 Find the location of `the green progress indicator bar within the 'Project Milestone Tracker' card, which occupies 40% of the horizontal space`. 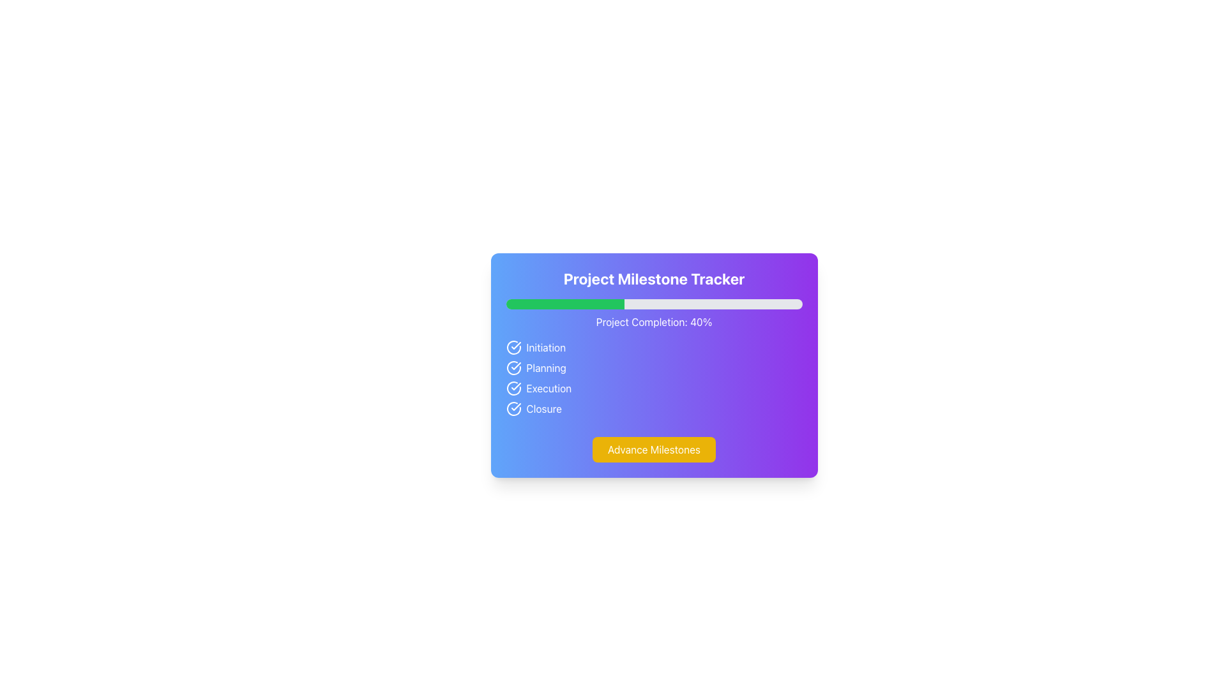

the green progress indicator bar within the 'Project Milestone Tracker' card, which occupies 40% of the horizontal space is located at coordinates (564, 304).